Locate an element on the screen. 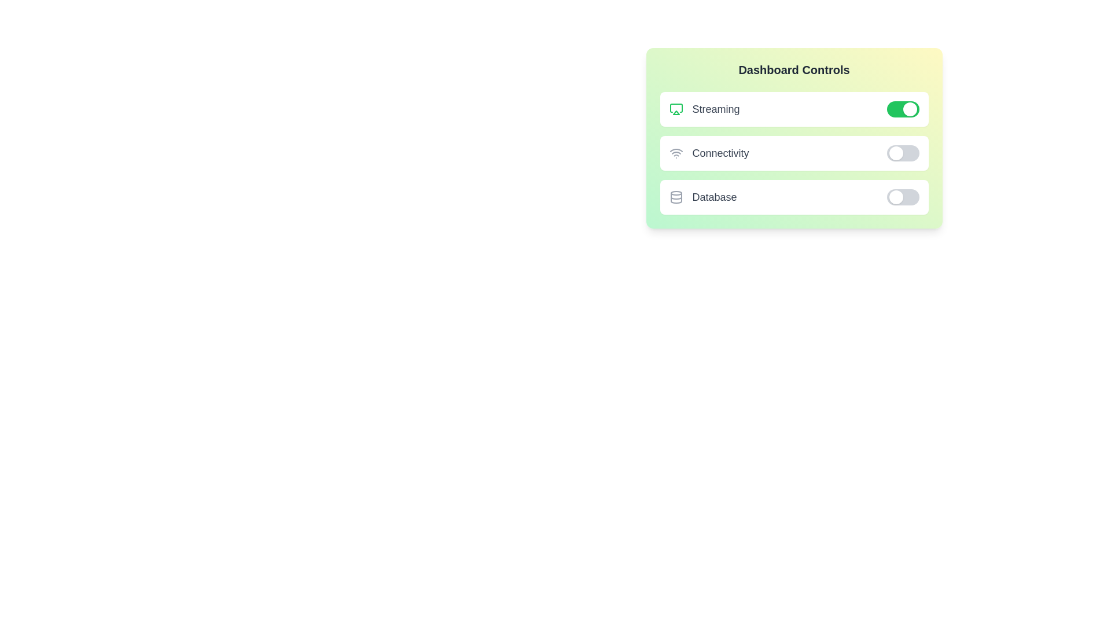 The width and height of the screenshot is (1111, 625). the text label of the widget Streaming is located at coordinates (704, 109).